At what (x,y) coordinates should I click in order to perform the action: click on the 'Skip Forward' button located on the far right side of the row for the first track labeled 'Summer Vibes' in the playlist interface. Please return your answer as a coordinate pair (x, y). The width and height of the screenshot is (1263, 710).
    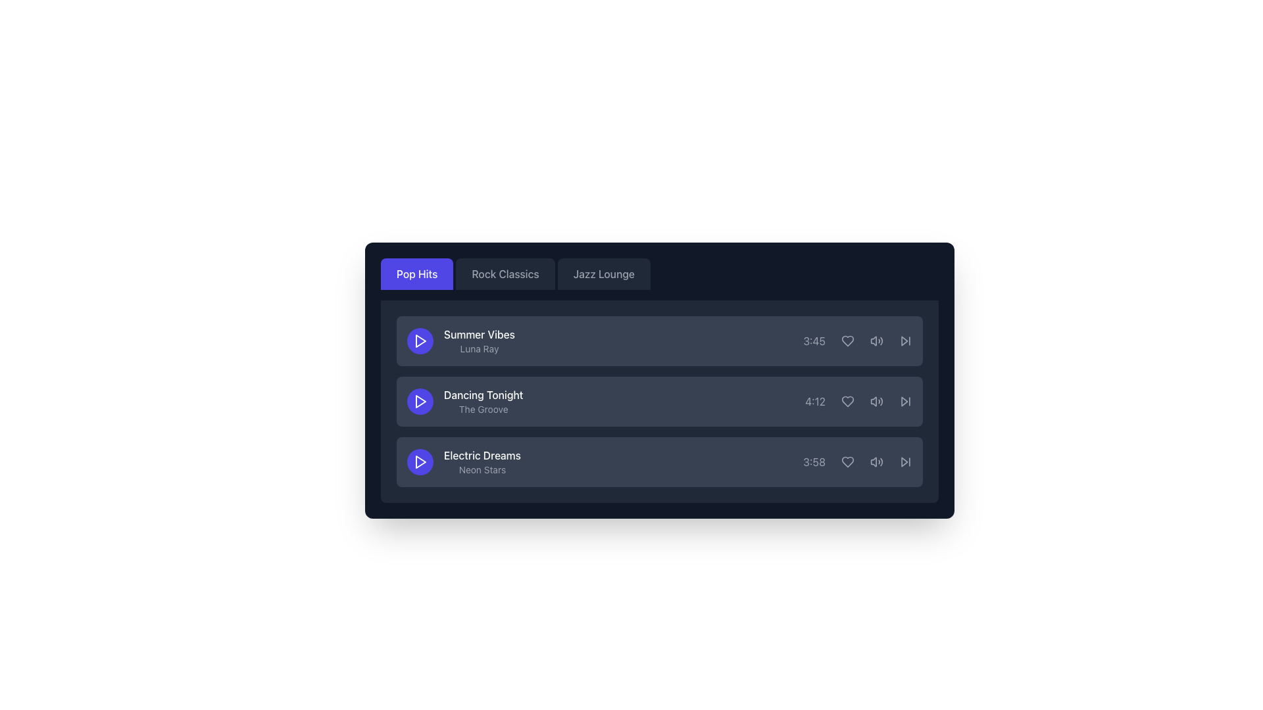
    Looking at the image, I should click on (905, 341).